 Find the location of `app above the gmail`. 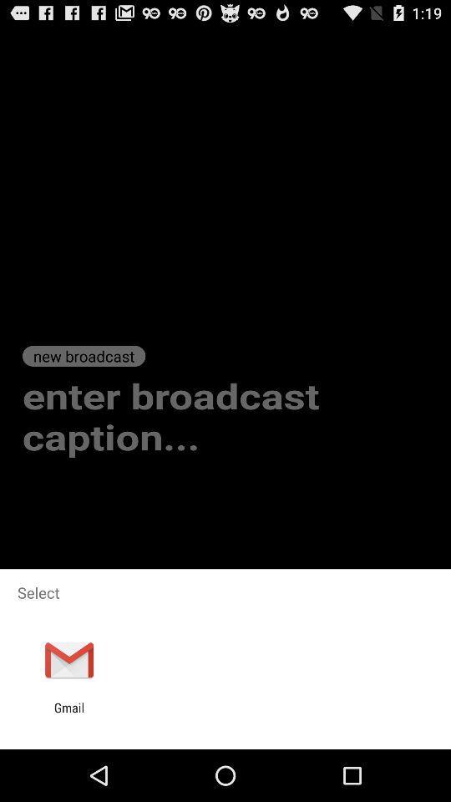

app above the gmail is located at coordinates (68, 660).